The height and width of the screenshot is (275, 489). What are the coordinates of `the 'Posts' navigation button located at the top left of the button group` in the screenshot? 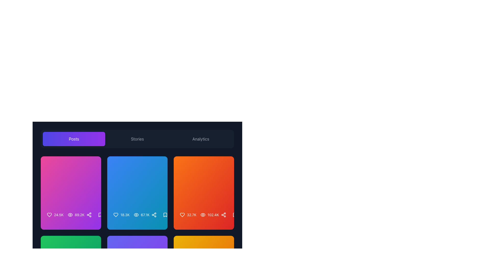 It's located at (74, 139).